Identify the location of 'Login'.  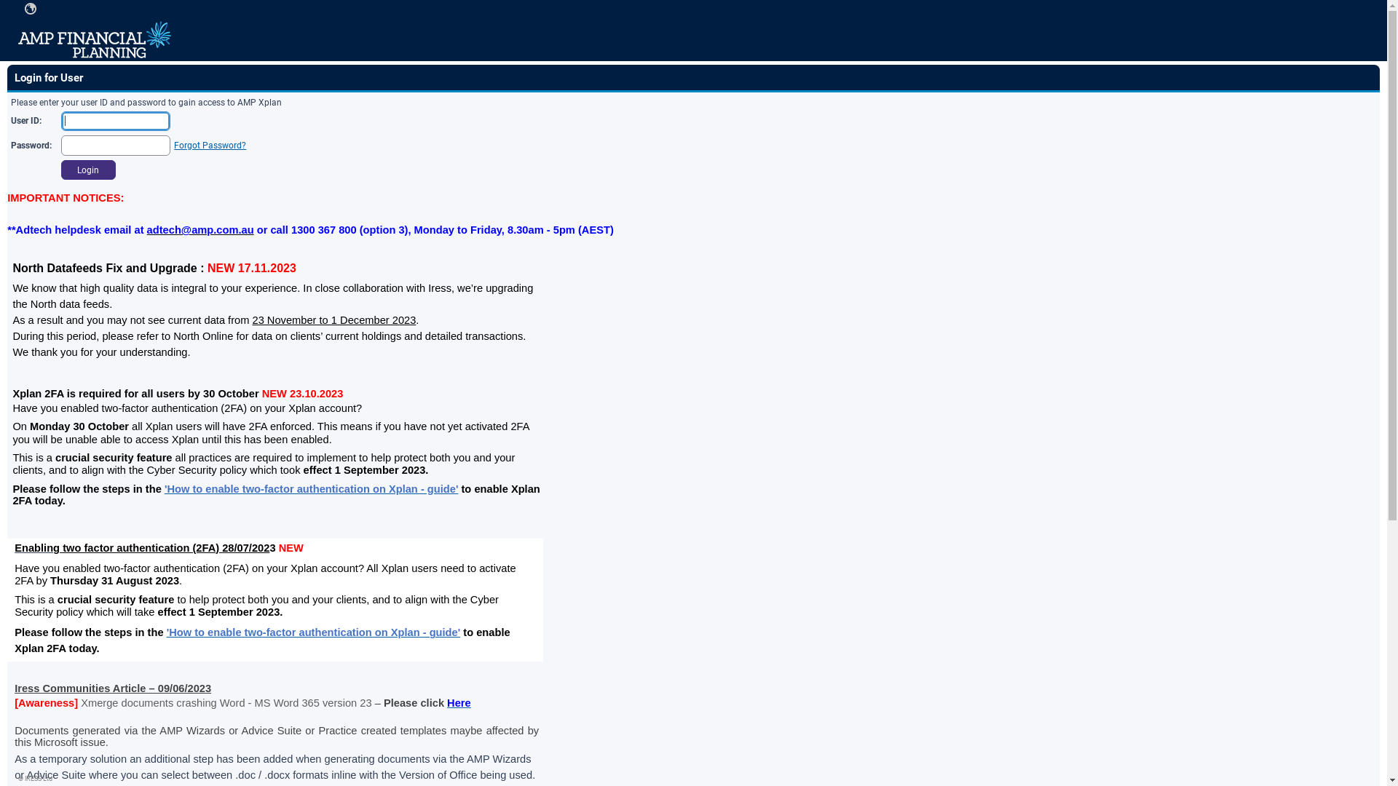
(87, 170).